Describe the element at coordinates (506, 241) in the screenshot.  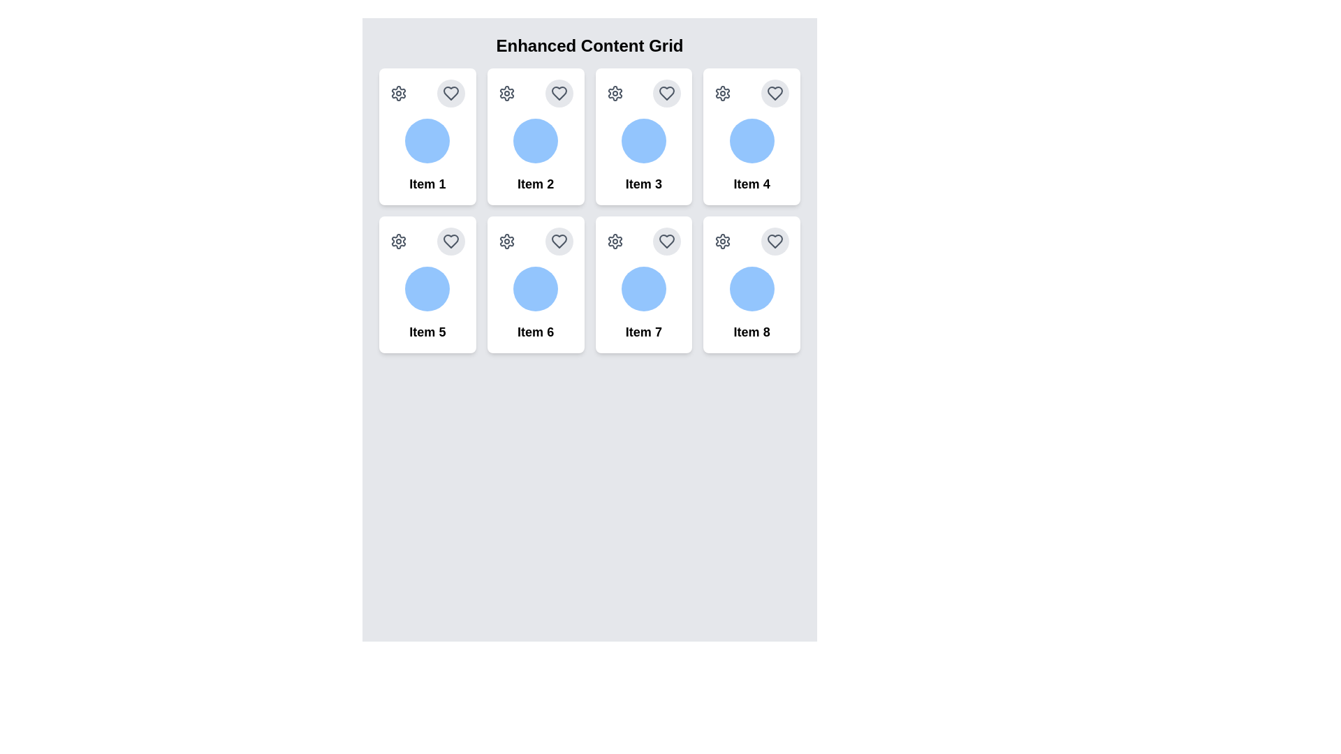
I see `the settings icon located in the top-left corner of the card labeled 'Item 6'` at that location.